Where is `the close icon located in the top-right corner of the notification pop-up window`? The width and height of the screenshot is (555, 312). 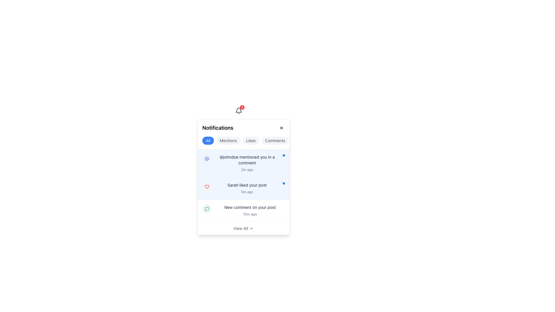 the close icon located in the top-right corner of the notification pop-up window is located at coordinates (282, 128).